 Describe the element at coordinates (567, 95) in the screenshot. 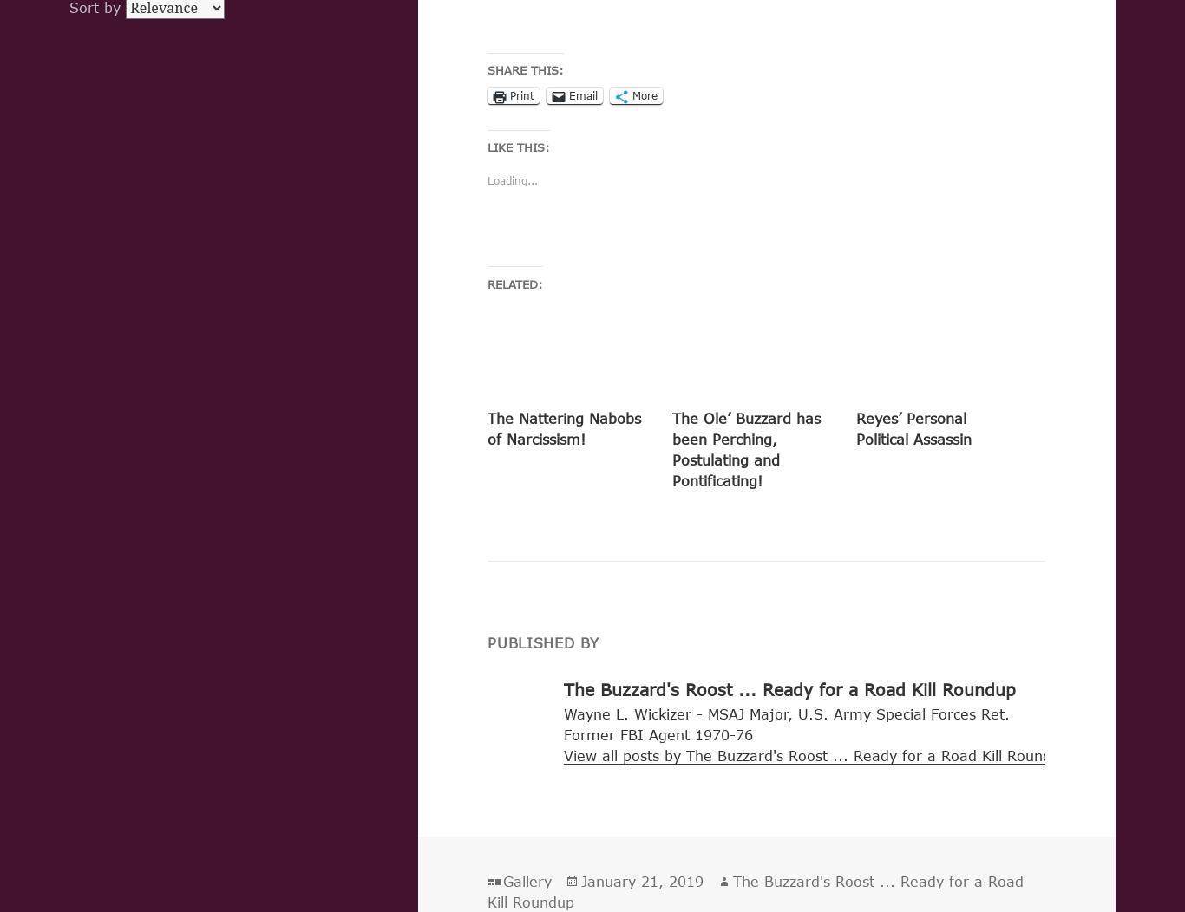

I see `'Email'` at that location.